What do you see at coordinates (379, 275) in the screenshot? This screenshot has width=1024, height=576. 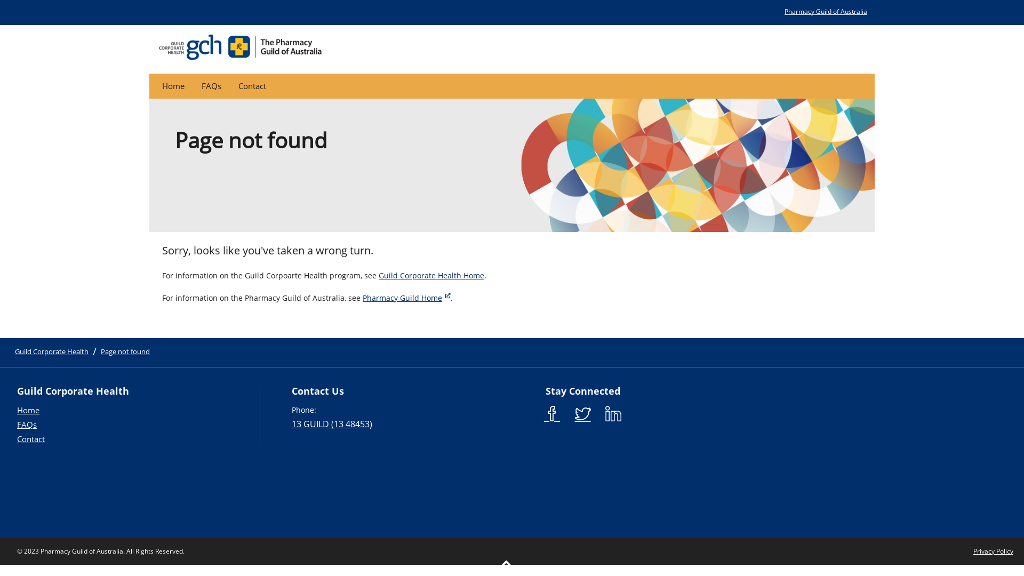 I see `'Guild Corporate Health Home'` at bounding box center [379, 275].